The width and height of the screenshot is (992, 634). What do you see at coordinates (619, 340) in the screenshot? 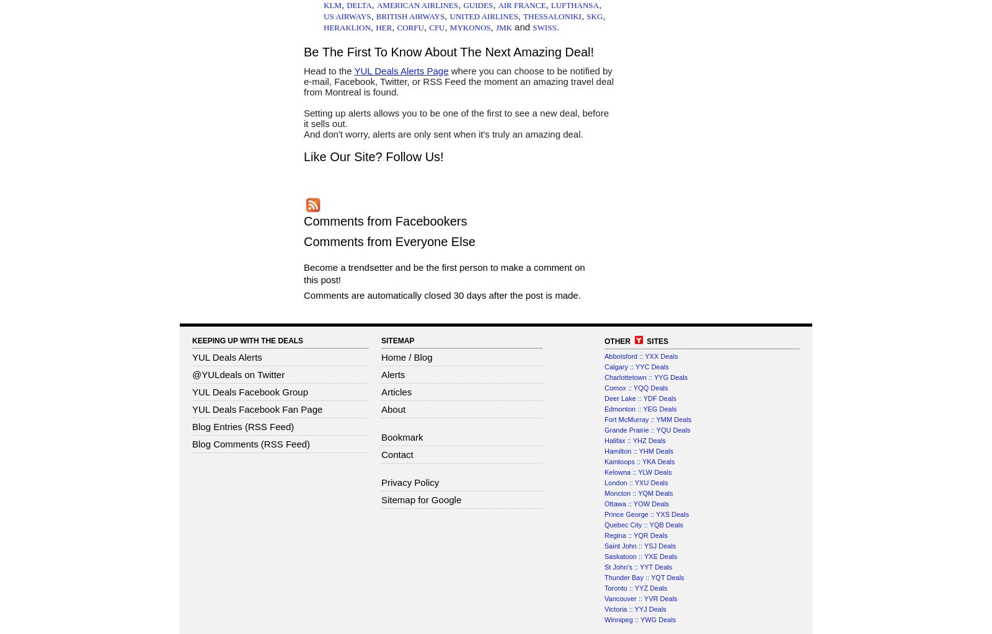
I see `'Other'` at bounding box center [619, 340].